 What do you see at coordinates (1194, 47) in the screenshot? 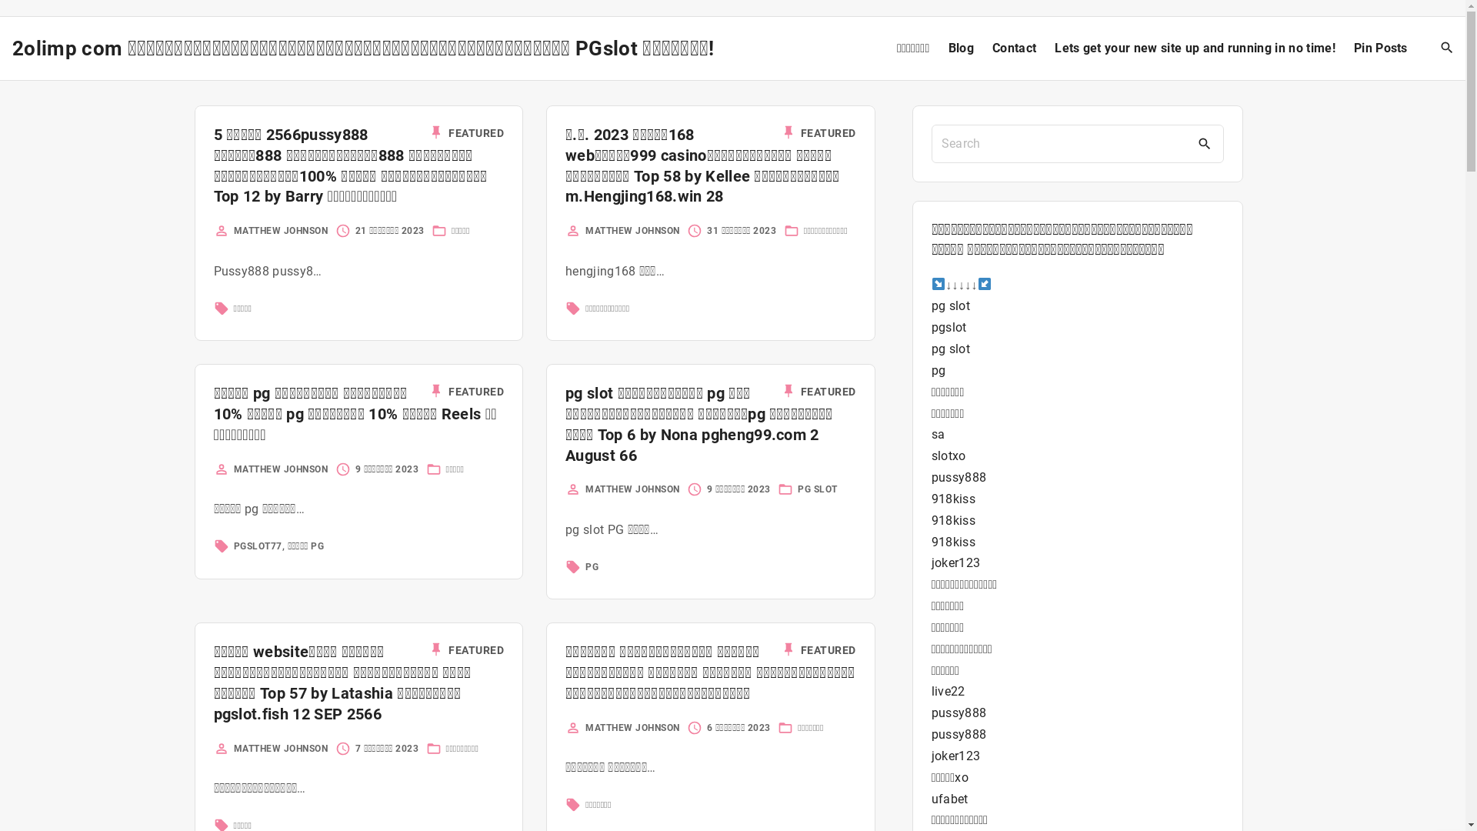
I see `'Lets get your new site up and running in no time!'` at bounding box center [1194, 47].